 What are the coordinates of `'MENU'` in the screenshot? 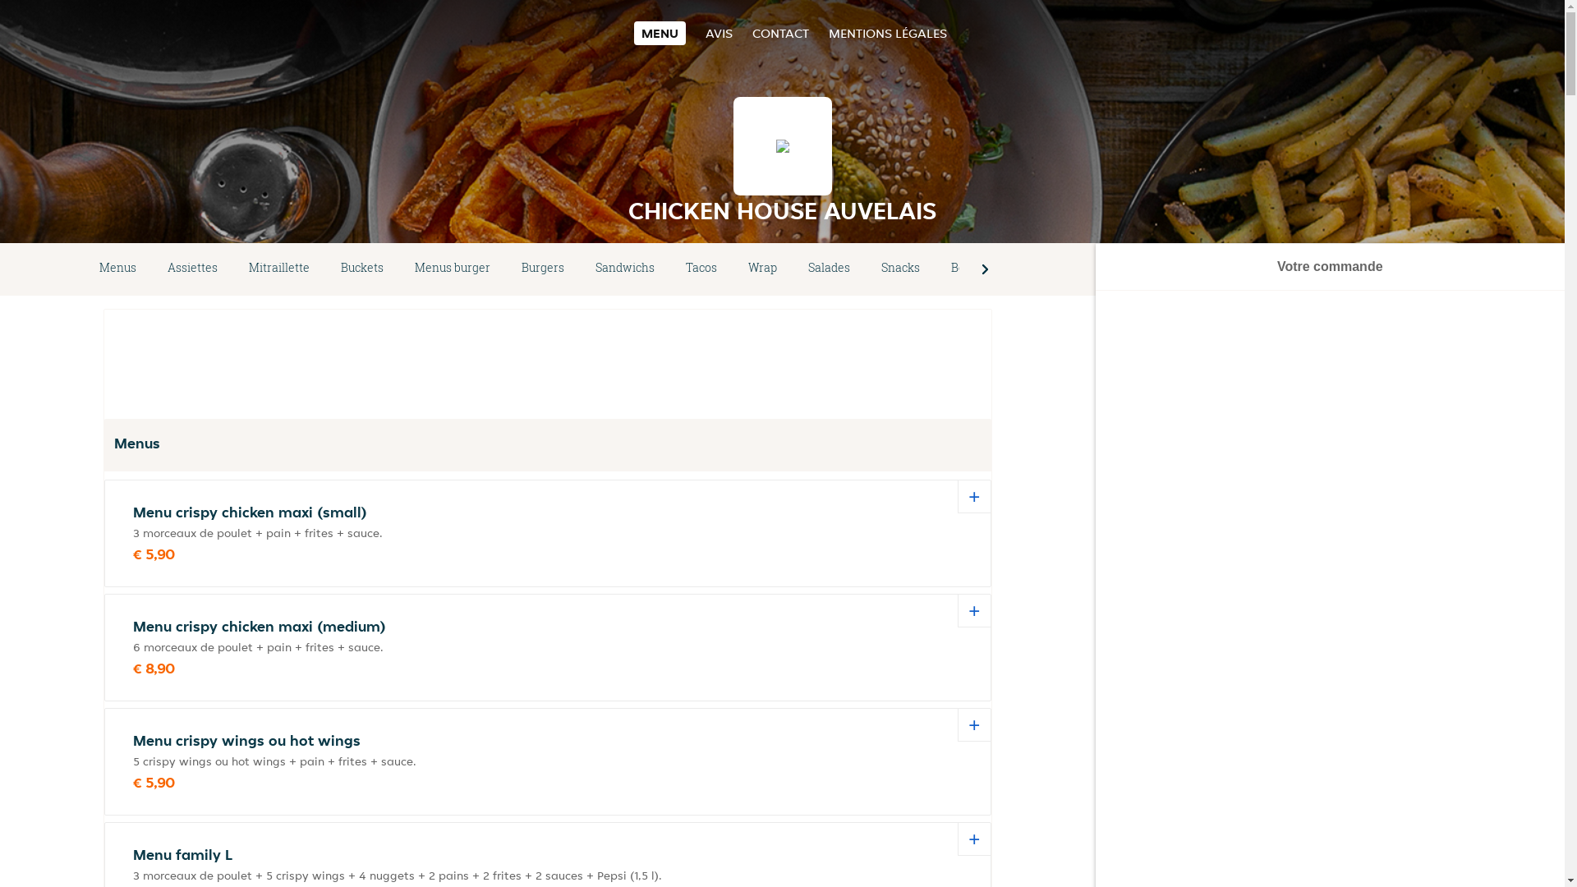 It's located at (660, 33).